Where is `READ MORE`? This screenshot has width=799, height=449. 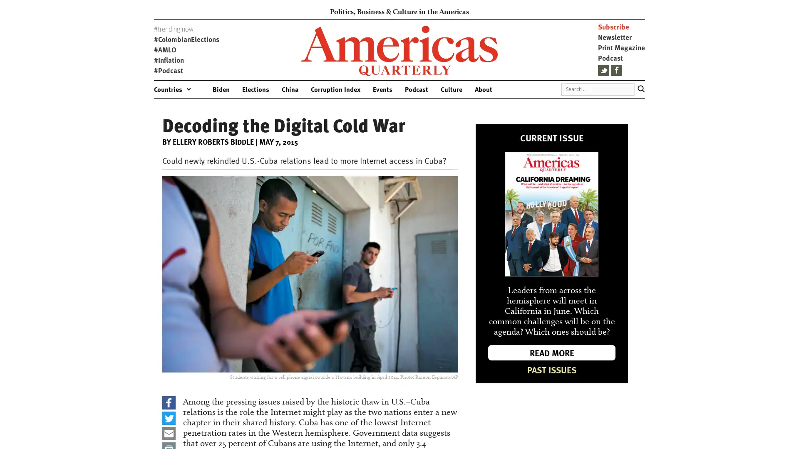
READ MORE is located at coordinates (551, 353).